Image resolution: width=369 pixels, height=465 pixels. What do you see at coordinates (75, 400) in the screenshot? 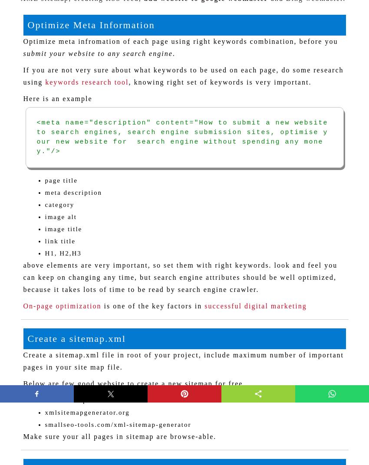
I see `'xml-sitemaps.com'` at bounding box center [75, 400].